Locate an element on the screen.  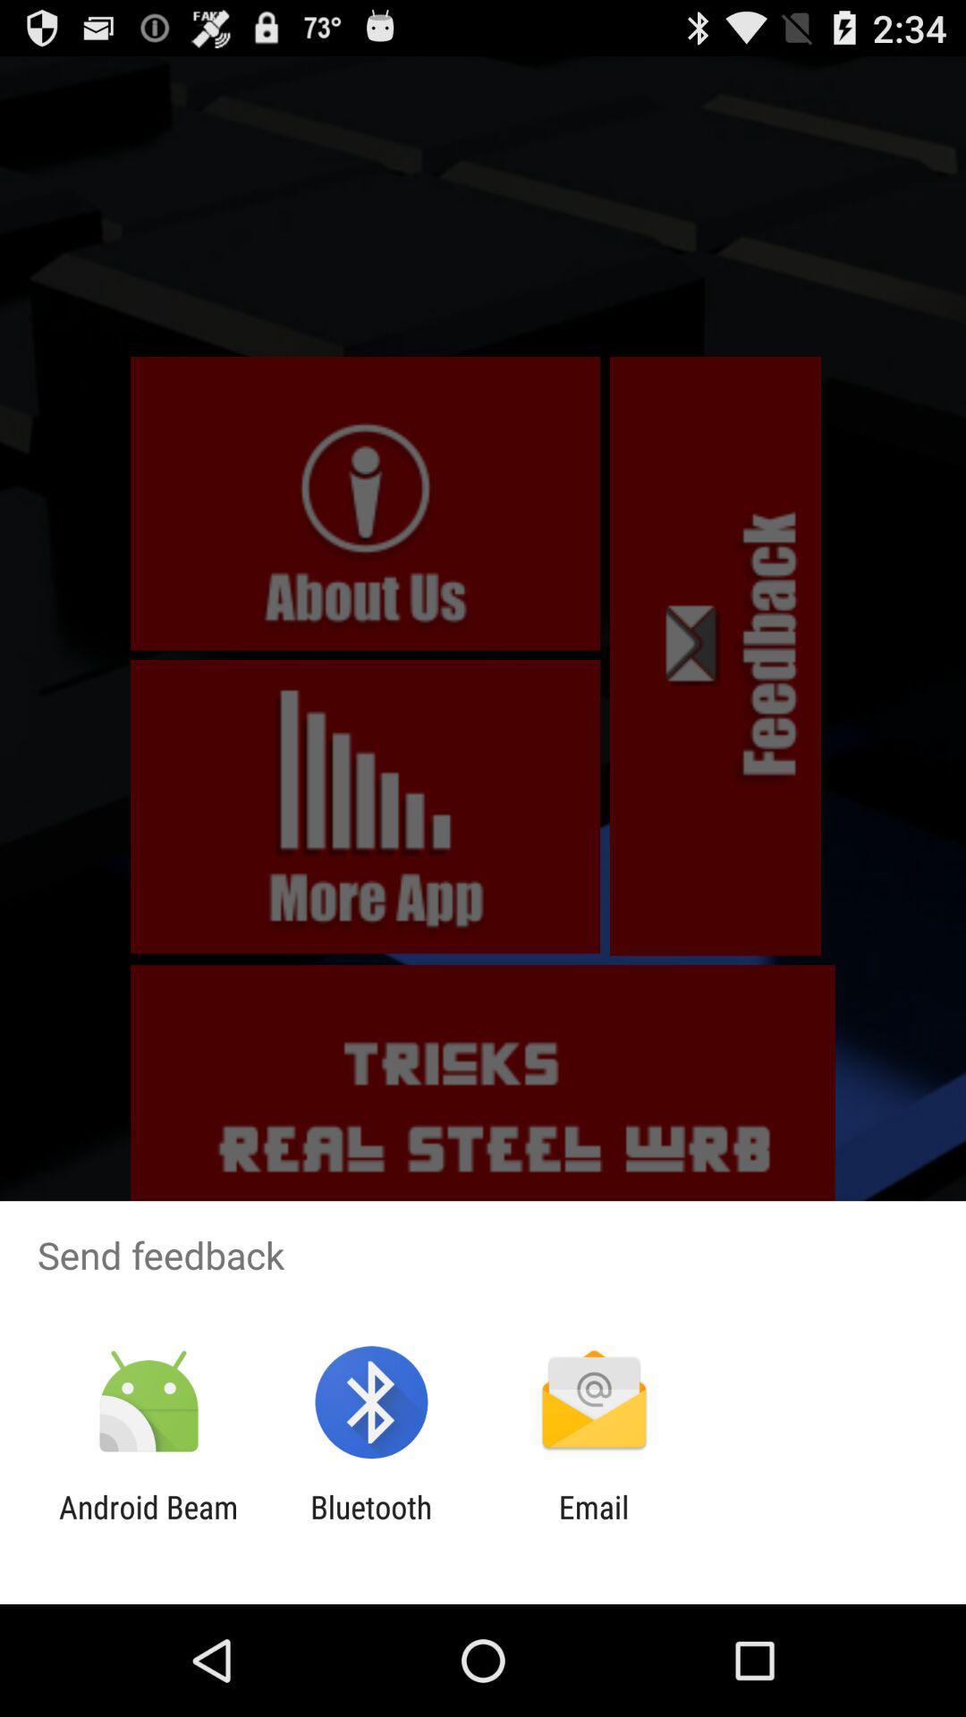
bluetooth app is located at coordinates (370, 1525).